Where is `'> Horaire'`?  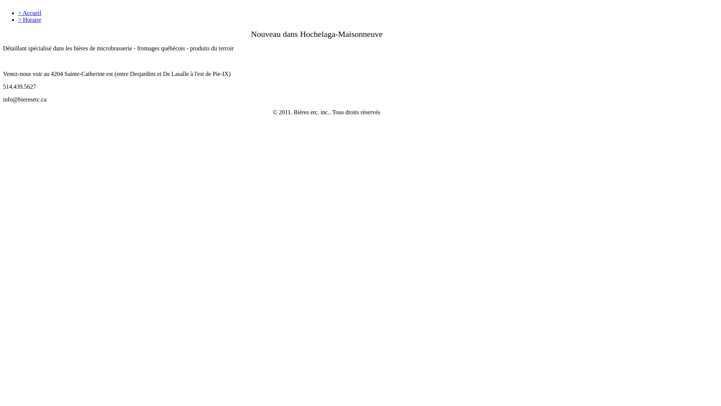
'> Horaire' is located at coordinates (18, 19).